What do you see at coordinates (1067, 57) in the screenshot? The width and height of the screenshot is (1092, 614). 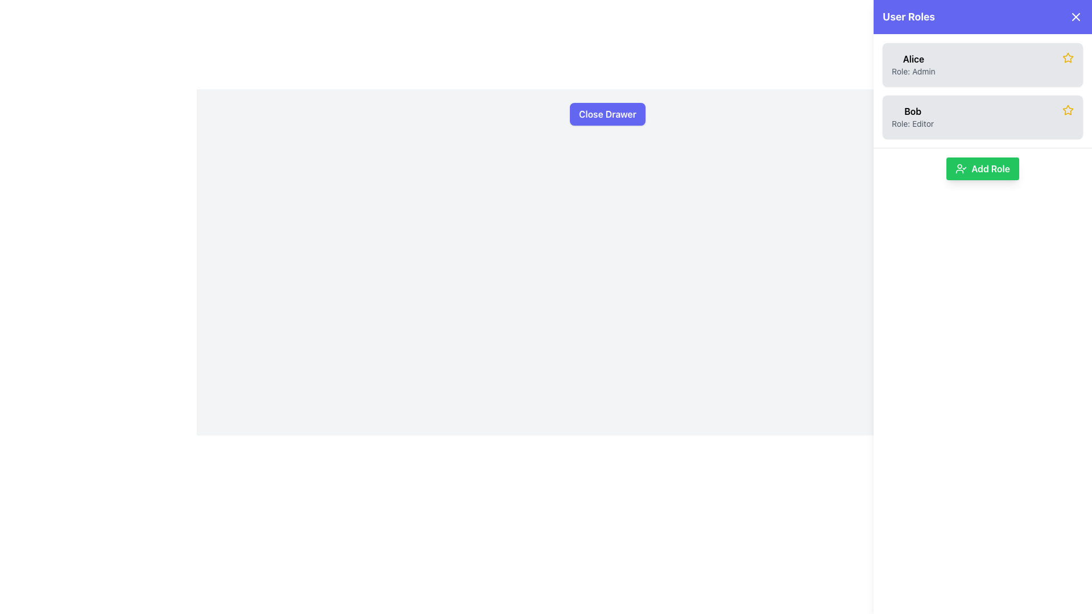 I see `the star icon located to the right of the 'Role: Editor' text in the 'User Roles' drawer` at bounding box center [1067, 57].